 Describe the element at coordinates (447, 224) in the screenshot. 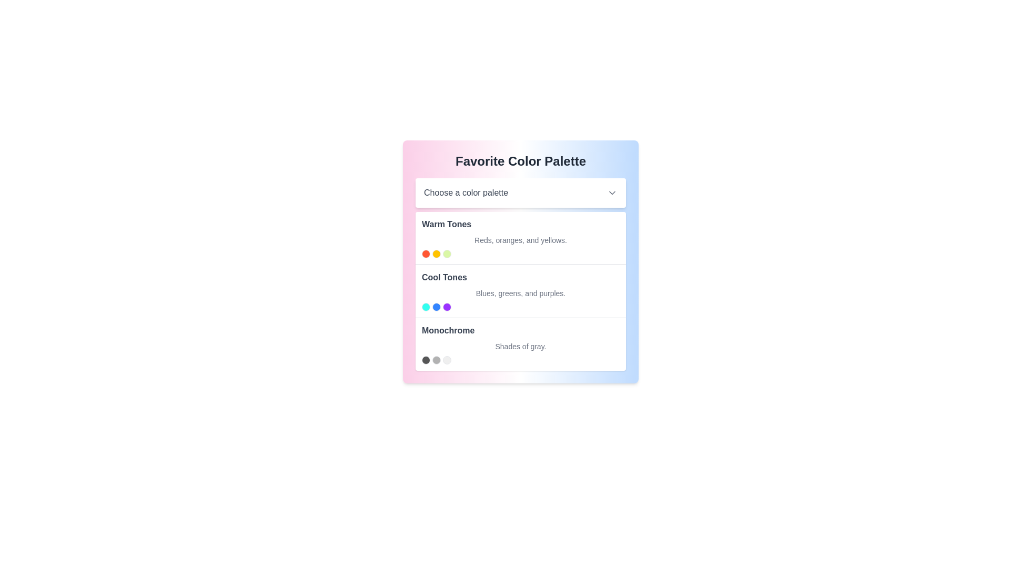

I see `the 'Warm Tones' text label, which is styled in bold dark gray and serves as the heading for the color palette category` at that location.